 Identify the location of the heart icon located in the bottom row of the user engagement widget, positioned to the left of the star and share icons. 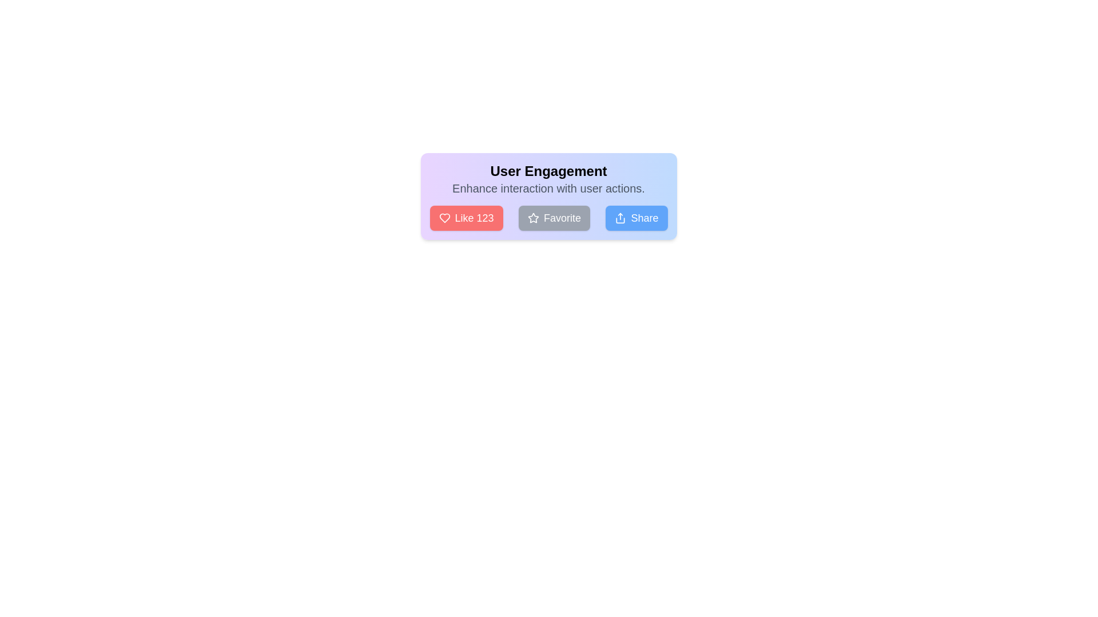
(444, 218).